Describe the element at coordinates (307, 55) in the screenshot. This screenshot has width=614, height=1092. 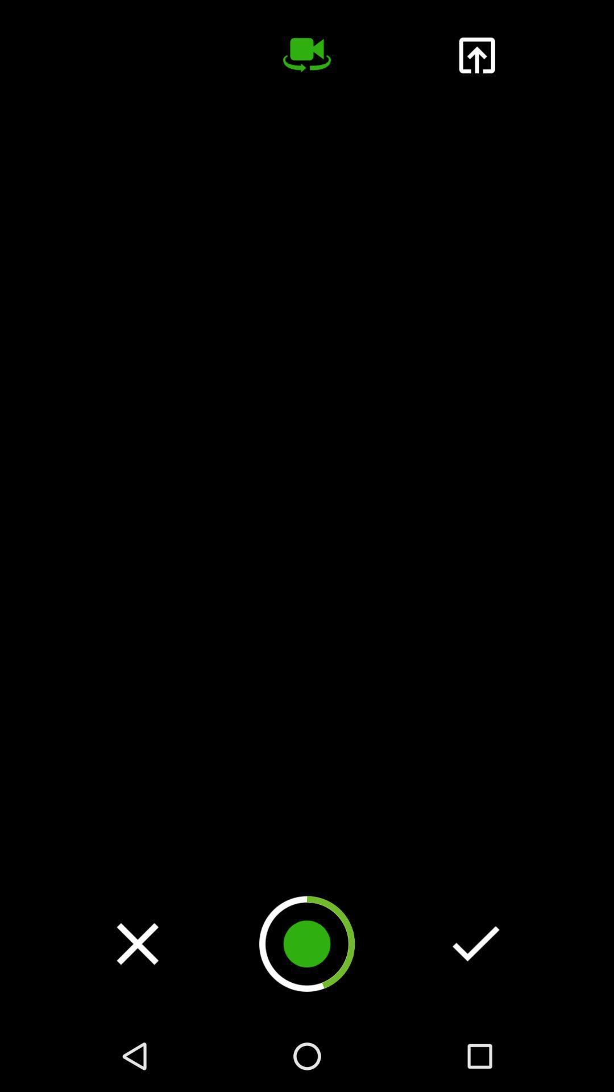
I see `change camera` at that location.